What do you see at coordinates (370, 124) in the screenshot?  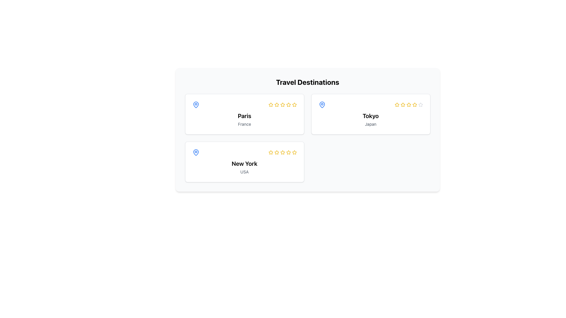 I see `the descriptive label displaying 'Japan' located below the 'Tokyo' title in the bottom section of the card` at bounding box center [370, 124].